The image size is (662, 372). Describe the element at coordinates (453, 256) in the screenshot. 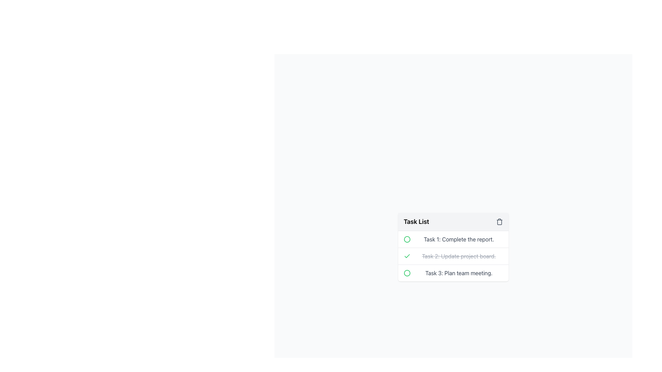

I see `the completed task list item, which displays a strikethrough text and a green tick mark` at that location.